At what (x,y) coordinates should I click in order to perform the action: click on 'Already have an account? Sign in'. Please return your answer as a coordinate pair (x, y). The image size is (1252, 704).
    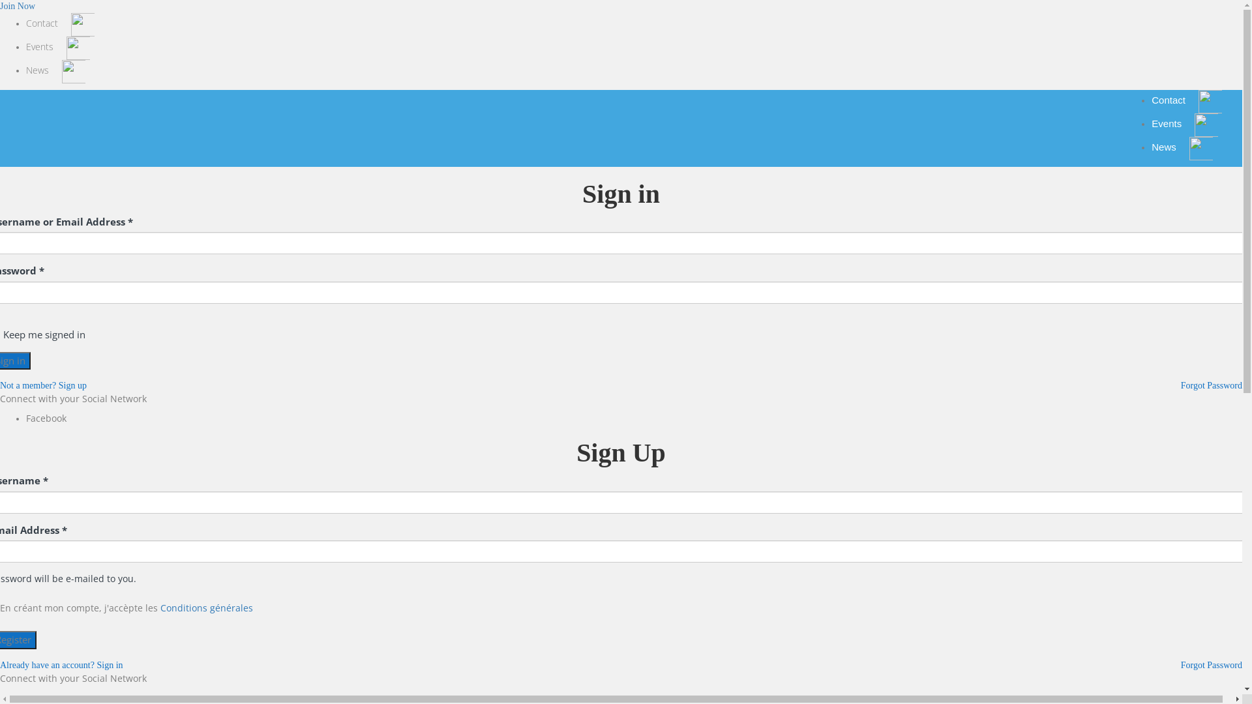
    Looking at the image, I should click on (61, 665).